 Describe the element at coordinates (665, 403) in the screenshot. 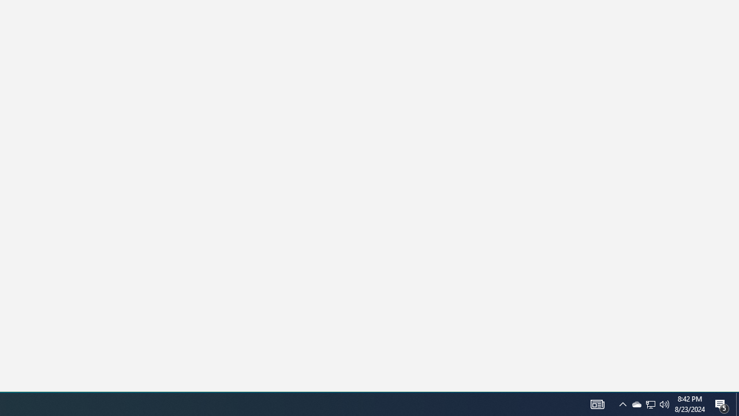

I see `'Q2790: 100%'` at that location.